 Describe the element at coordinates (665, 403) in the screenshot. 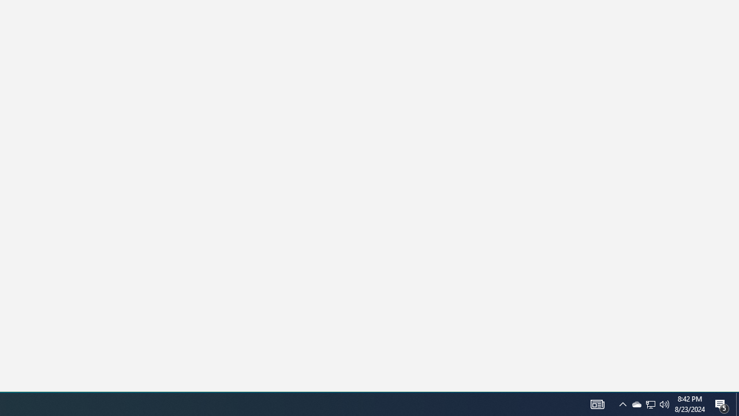

I see `'Q2790: 100%'` at that location.